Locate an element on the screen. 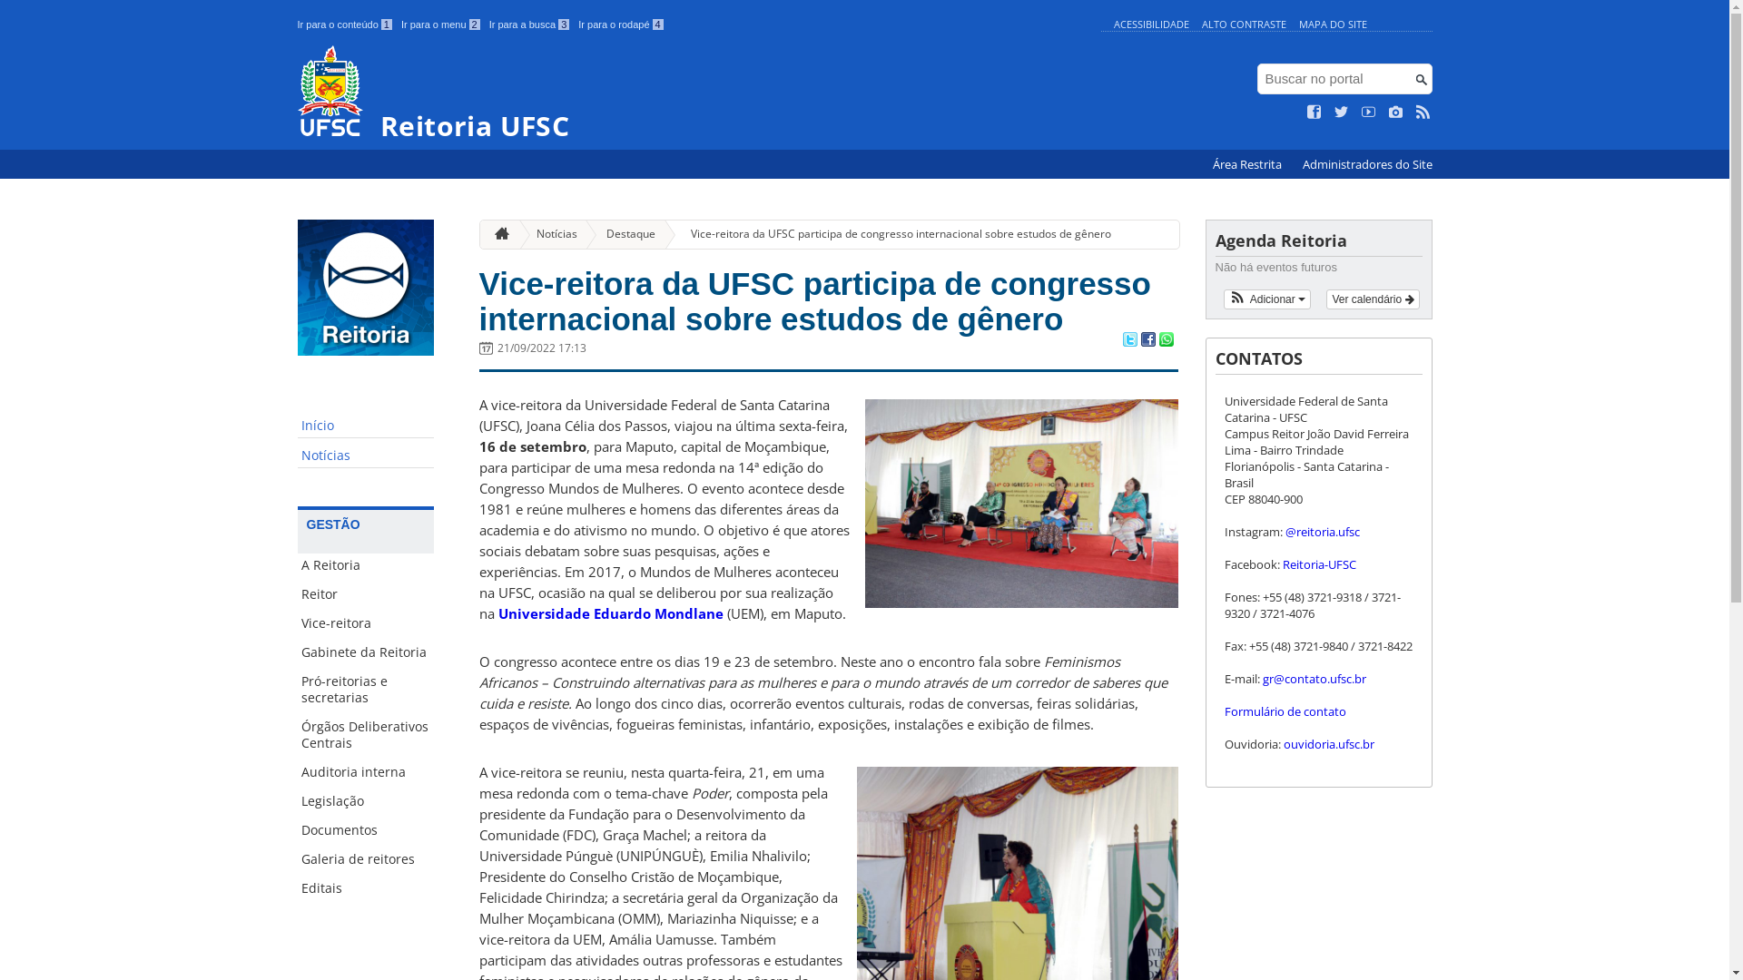  'Gabinete da Reitoria' is located at coordinates (365, 651).